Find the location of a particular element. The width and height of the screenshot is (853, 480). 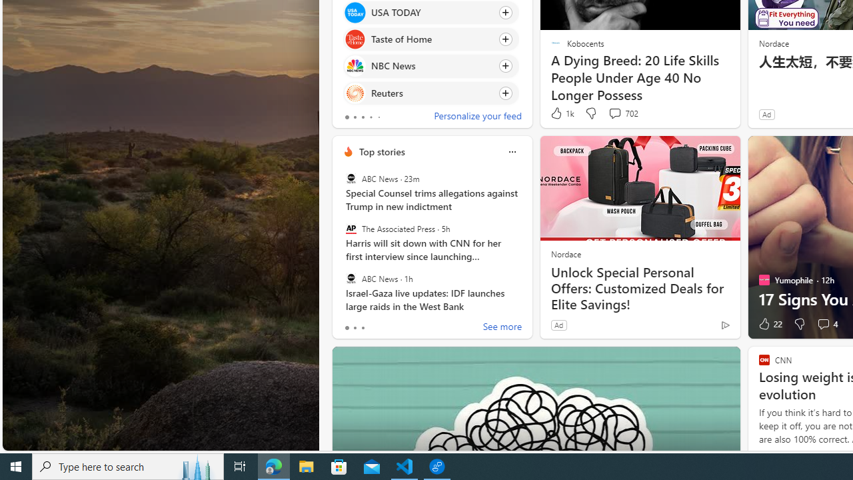

'1k Like' is located at coordinates (561, 113).